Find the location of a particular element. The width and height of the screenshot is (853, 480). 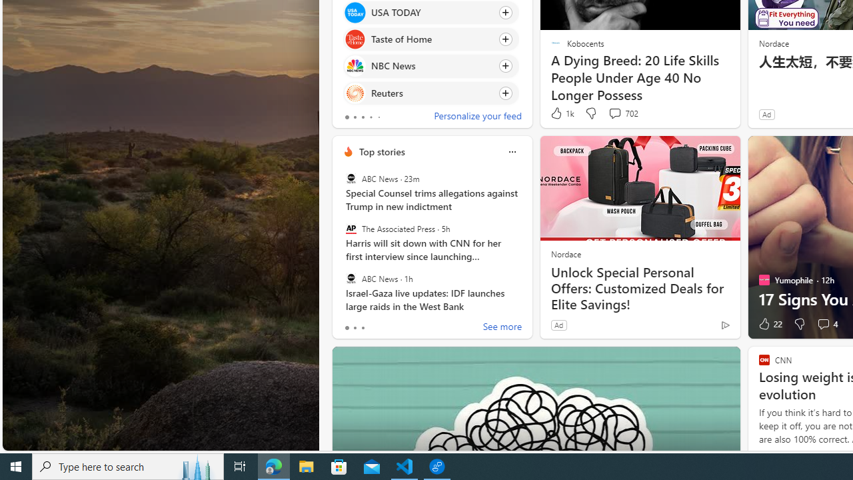

'1k Like' is located at coordinates (561, 113).